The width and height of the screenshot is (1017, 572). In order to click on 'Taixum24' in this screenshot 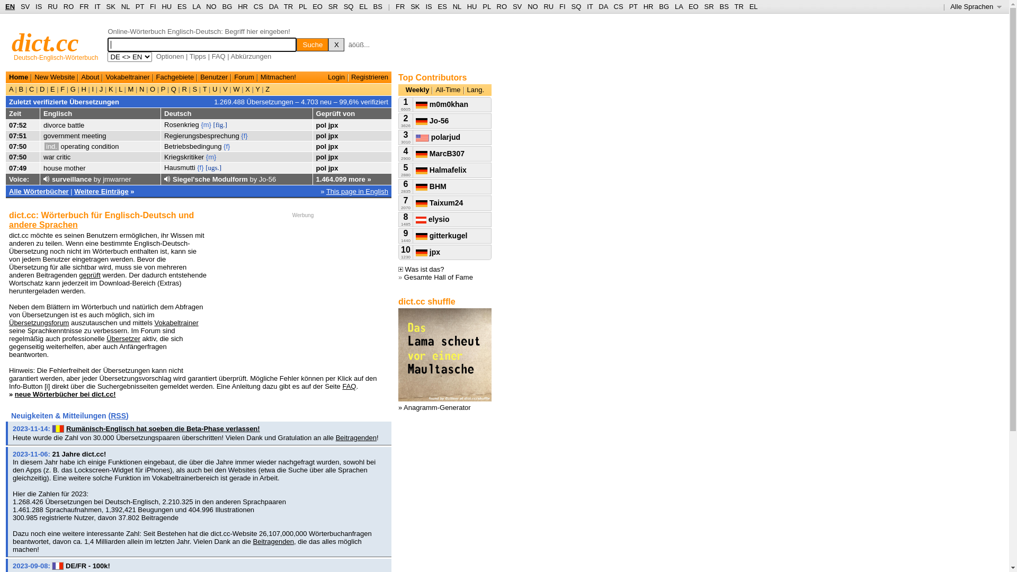, I will do `click(415, 202)`.